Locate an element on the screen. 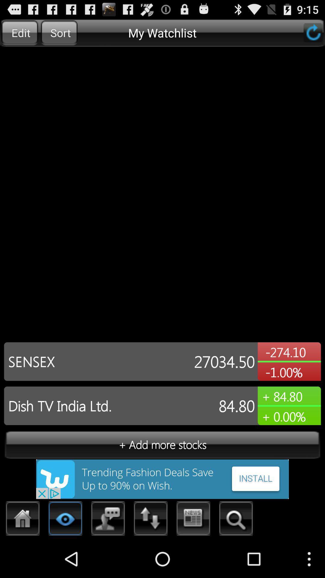 The width and height of the screenshot is (325, 578). reload updated is located at coordinates (313, 32).